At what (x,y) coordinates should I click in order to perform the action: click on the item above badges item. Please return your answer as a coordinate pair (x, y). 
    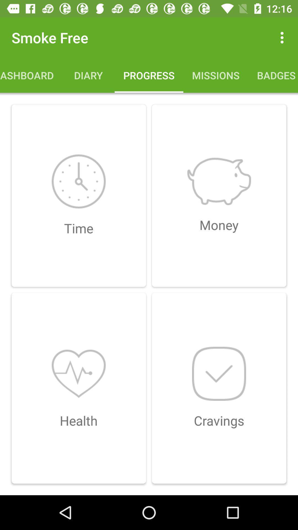
    Looking at the image, I should click on (283, 37).